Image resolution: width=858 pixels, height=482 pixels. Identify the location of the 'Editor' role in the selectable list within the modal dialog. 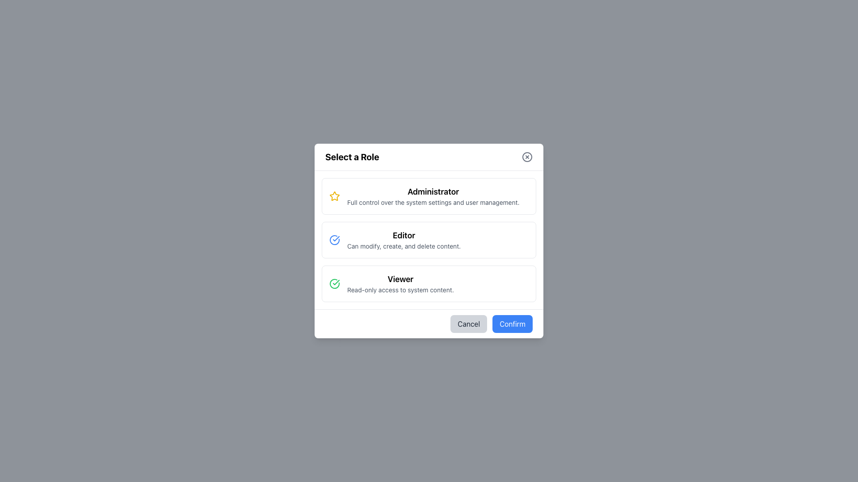
(429, 239).